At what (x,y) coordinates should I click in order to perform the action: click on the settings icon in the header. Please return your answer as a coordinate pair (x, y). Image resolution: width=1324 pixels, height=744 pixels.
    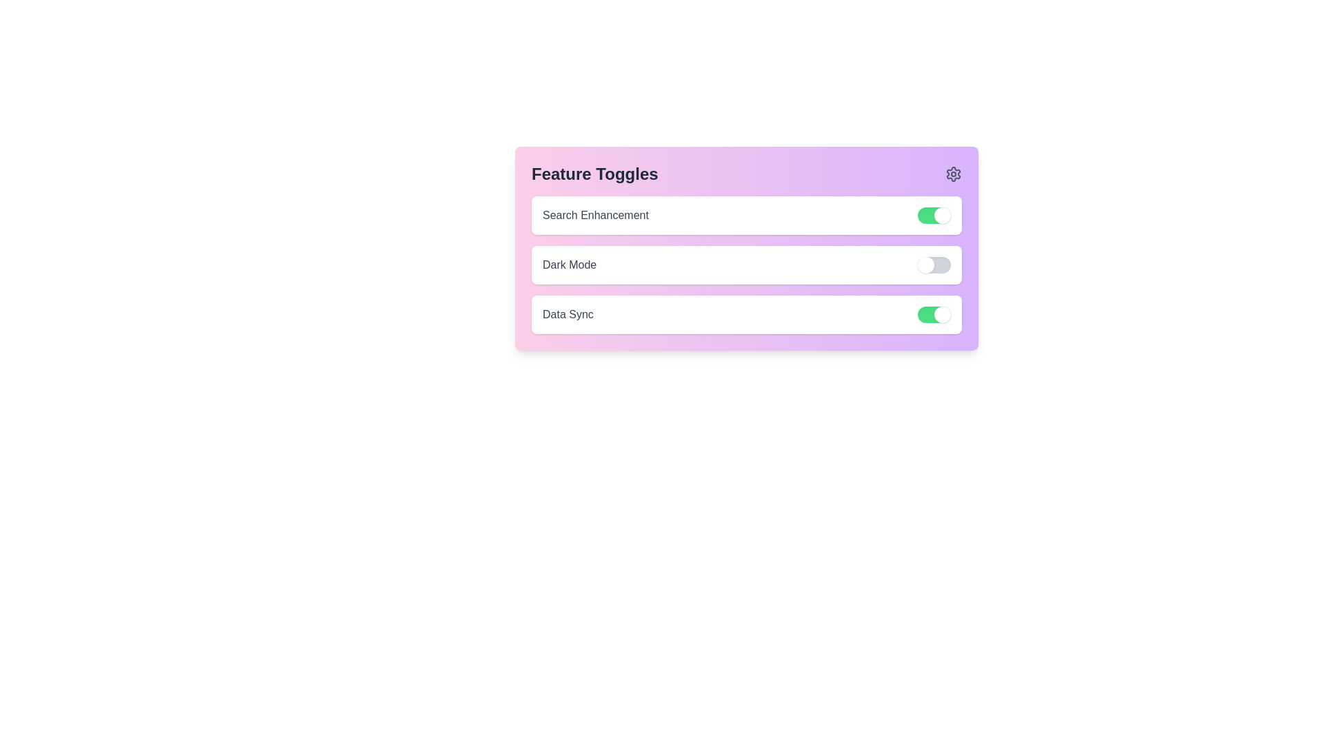
    Looking at the image, I should click on (952, 174).